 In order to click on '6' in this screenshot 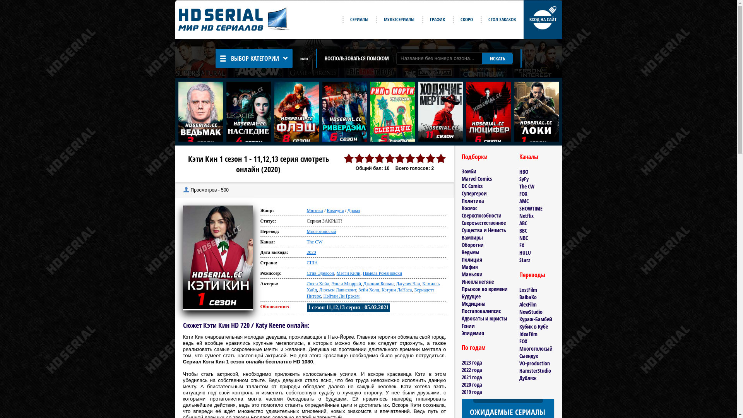, I will do `click(394, 158)`.